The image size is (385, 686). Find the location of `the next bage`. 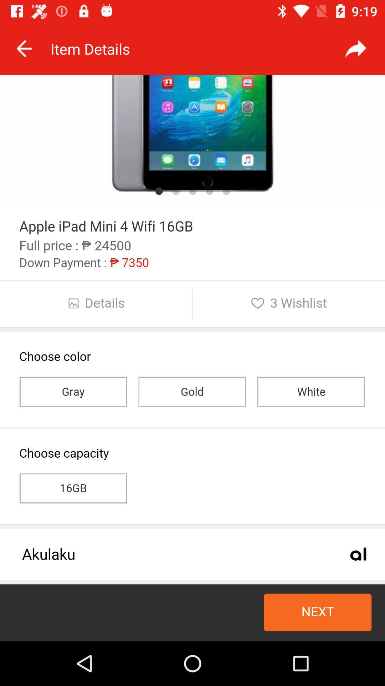

the next bage is located at coordinates (355, 48).